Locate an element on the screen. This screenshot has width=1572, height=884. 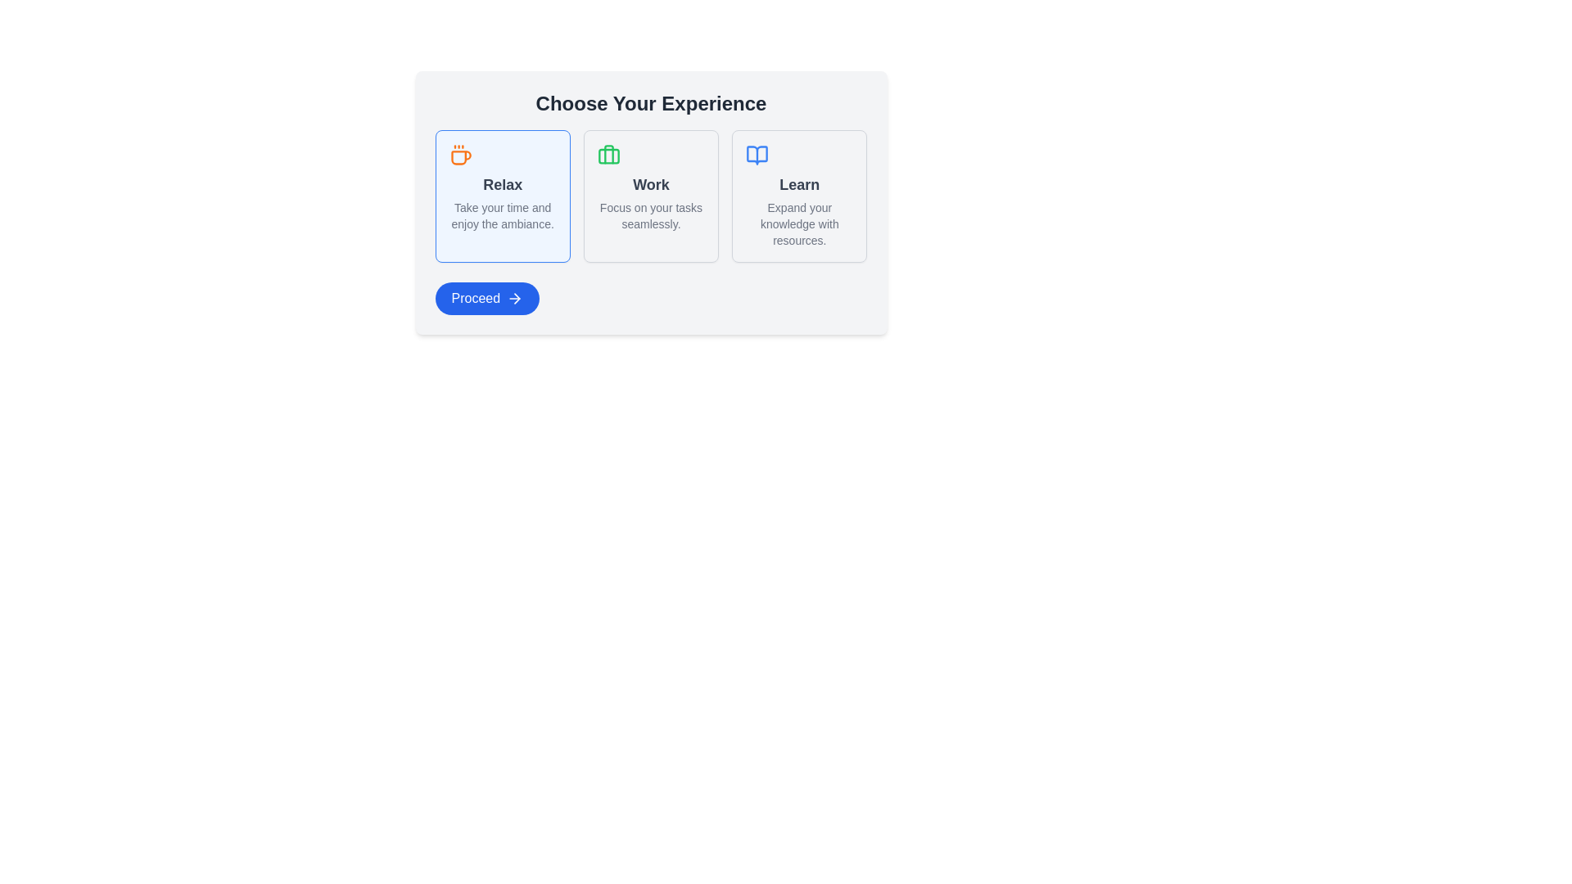
the blue open book icon located in the third box below the 'Learn' label is located at coordinates (757, 155).